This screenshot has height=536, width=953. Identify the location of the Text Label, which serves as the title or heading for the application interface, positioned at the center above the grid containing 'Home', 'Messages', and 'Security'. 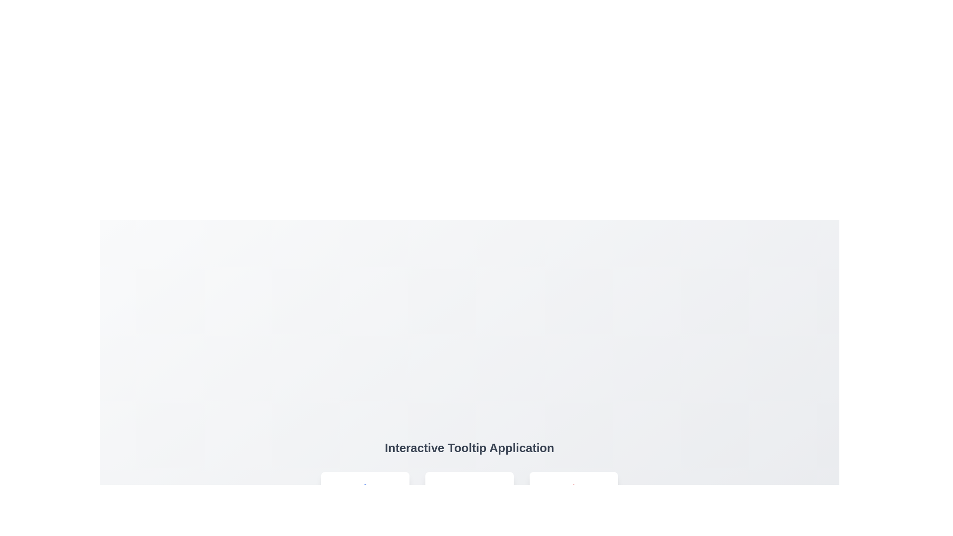
(469, 448).